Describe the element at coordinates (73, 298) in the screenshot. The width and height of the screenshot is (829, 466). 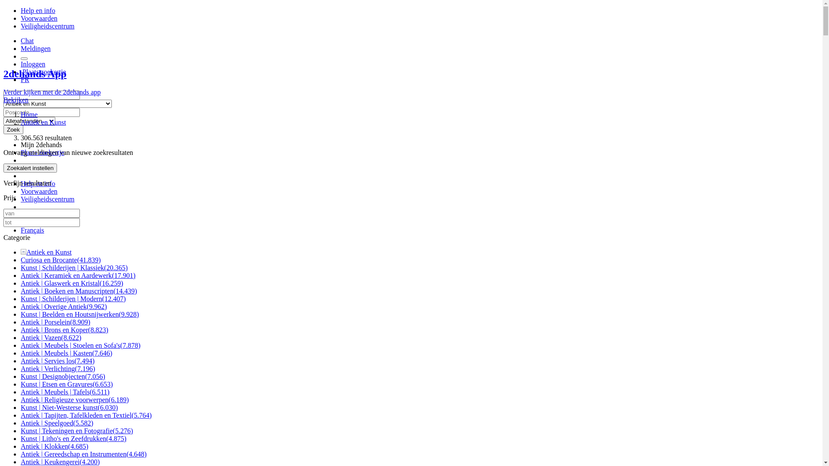
I see `'Kunst | Schilderijen | Modern(12.407)'` at that location.